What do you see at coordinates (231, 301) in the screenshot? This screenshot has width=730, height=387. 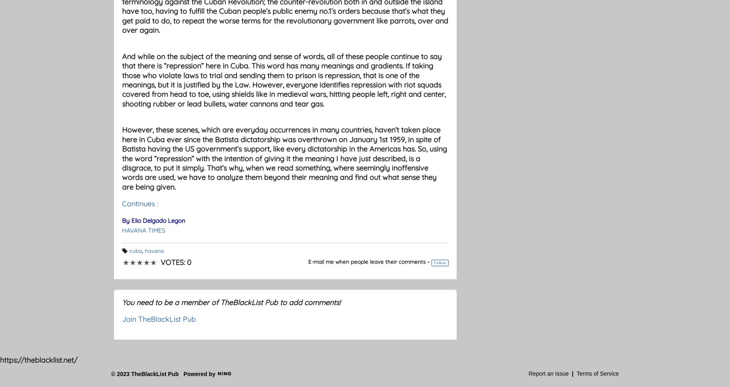 I see `'You need to be a member of TheBlackList Pub to add comments!'` at bounding box center [231, 301].